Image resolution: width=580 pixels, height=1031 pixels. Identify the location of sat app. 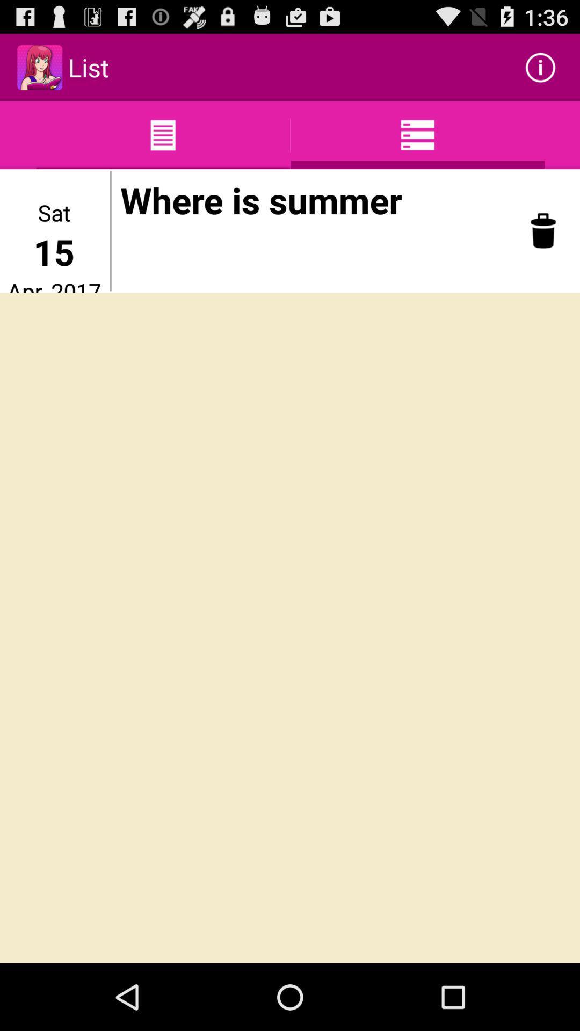
(54, 212).